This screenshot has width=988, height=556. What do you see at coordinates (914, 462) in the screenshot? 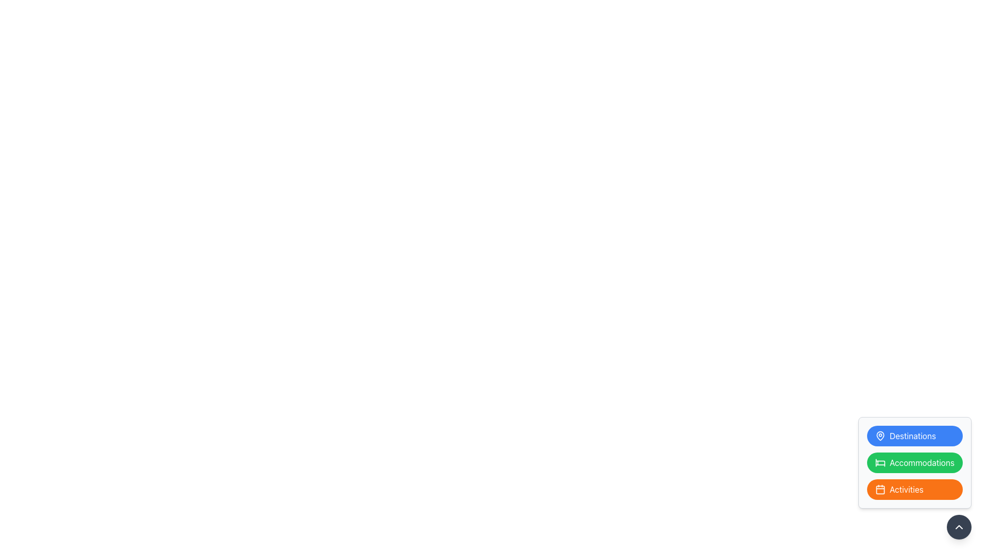
I see `the accommodations button, which is the second button in a vertical list of three buttons` at bounding box center [914, 462].